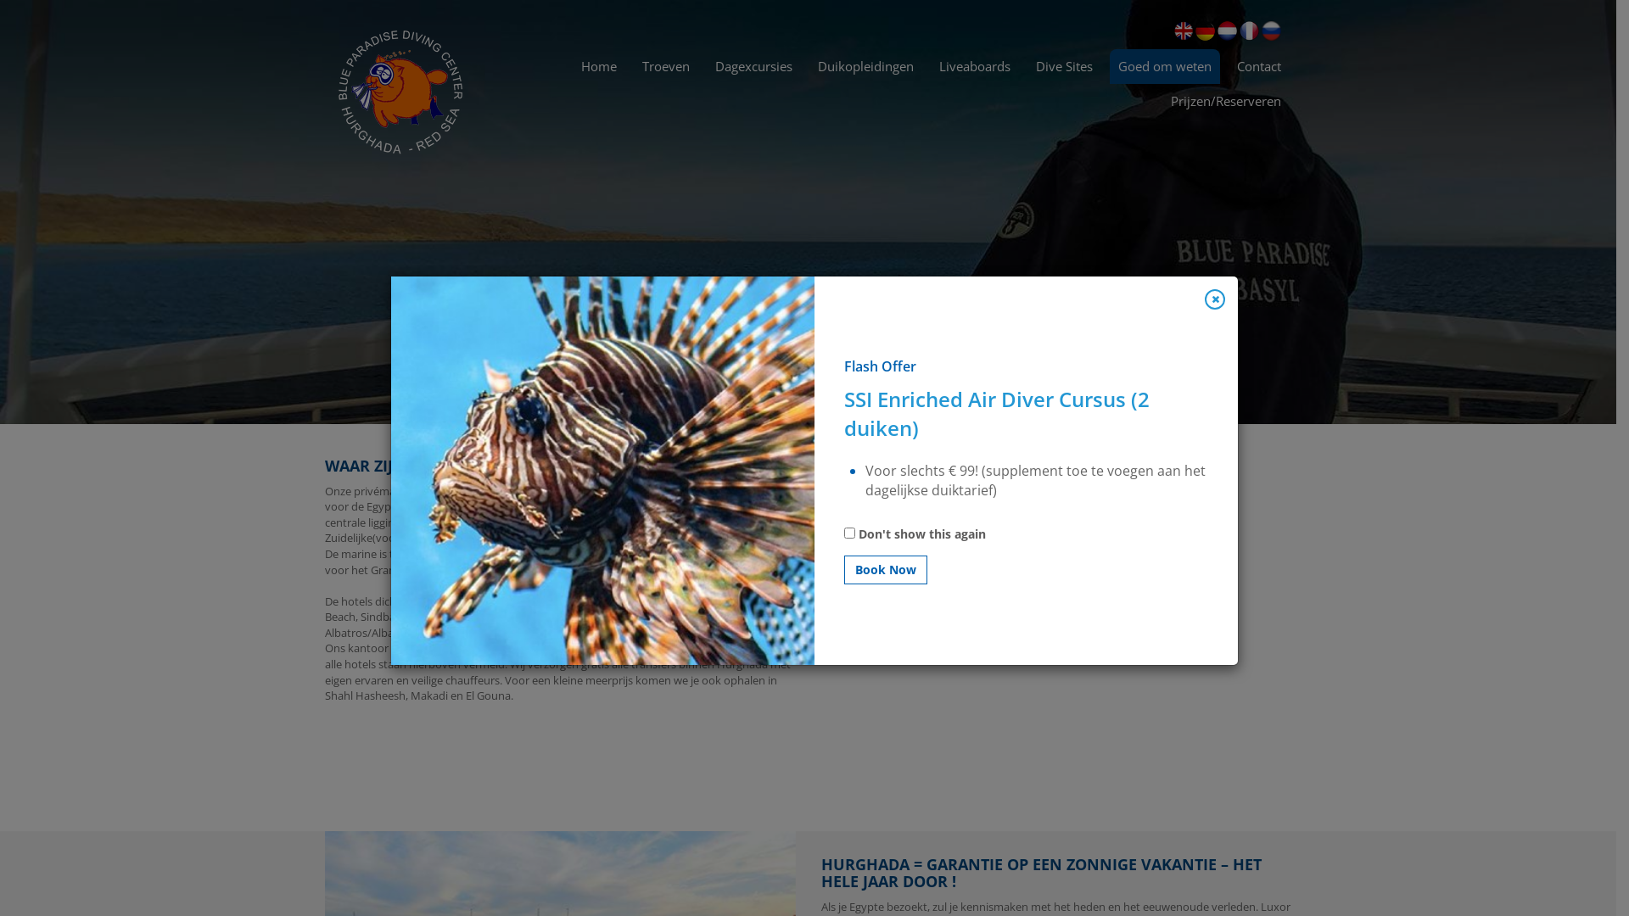 This screenshot has height=916, width=1629. I want to click on 'Liveaboards', so click(974, 65).